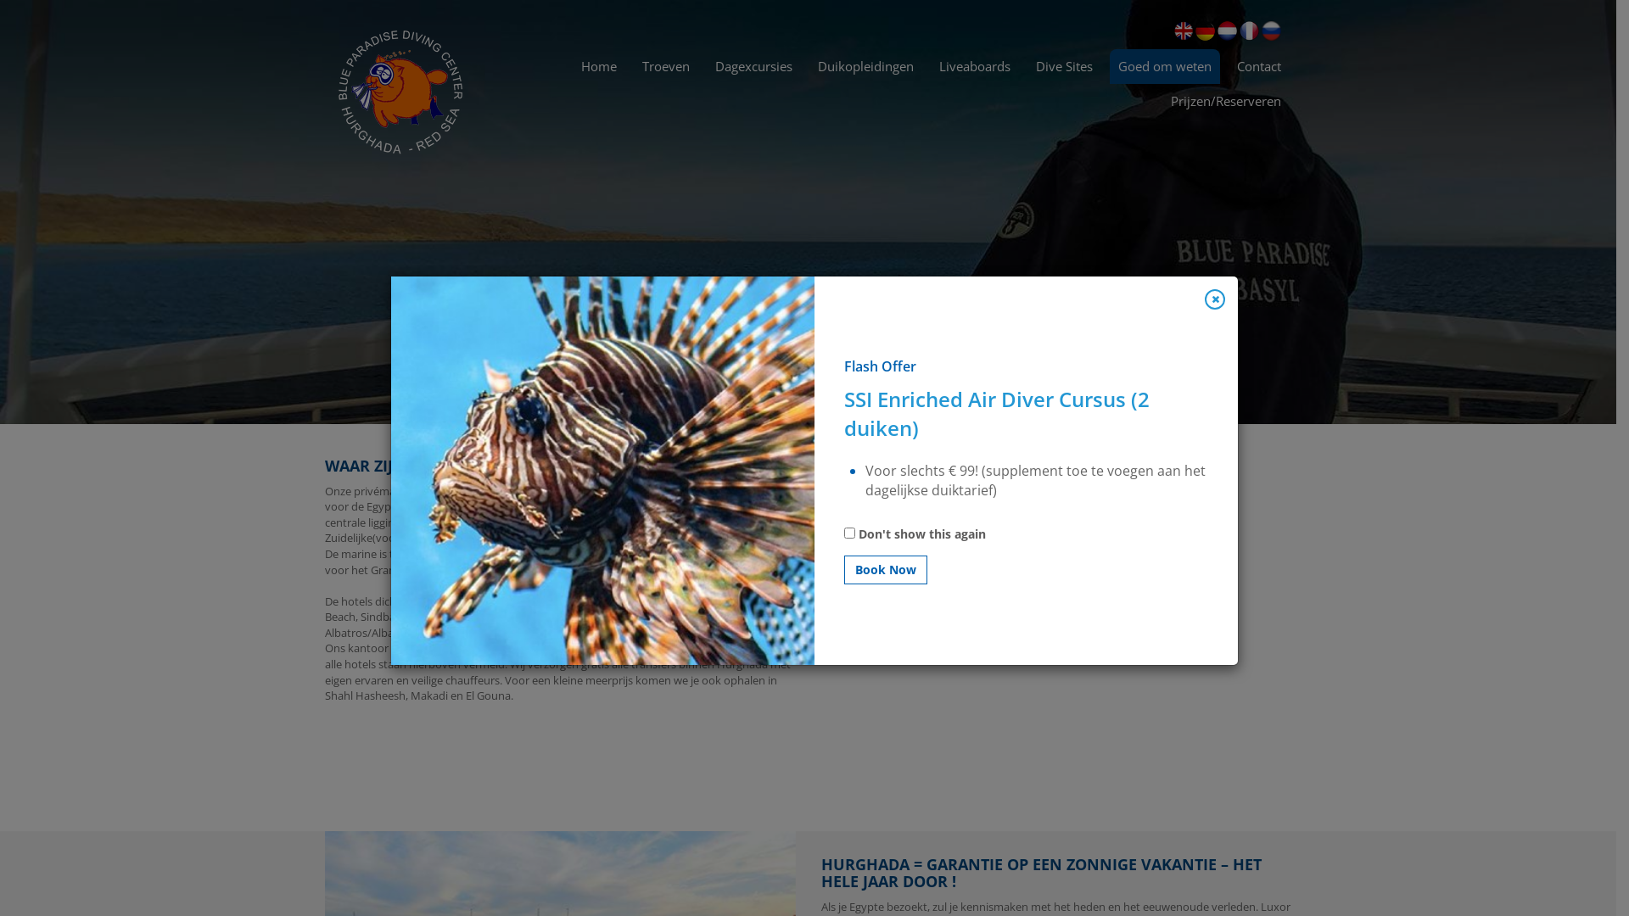 This screenshot has height=916, width=1629. I want to click on 'Liveaboards', so click(974, 65).